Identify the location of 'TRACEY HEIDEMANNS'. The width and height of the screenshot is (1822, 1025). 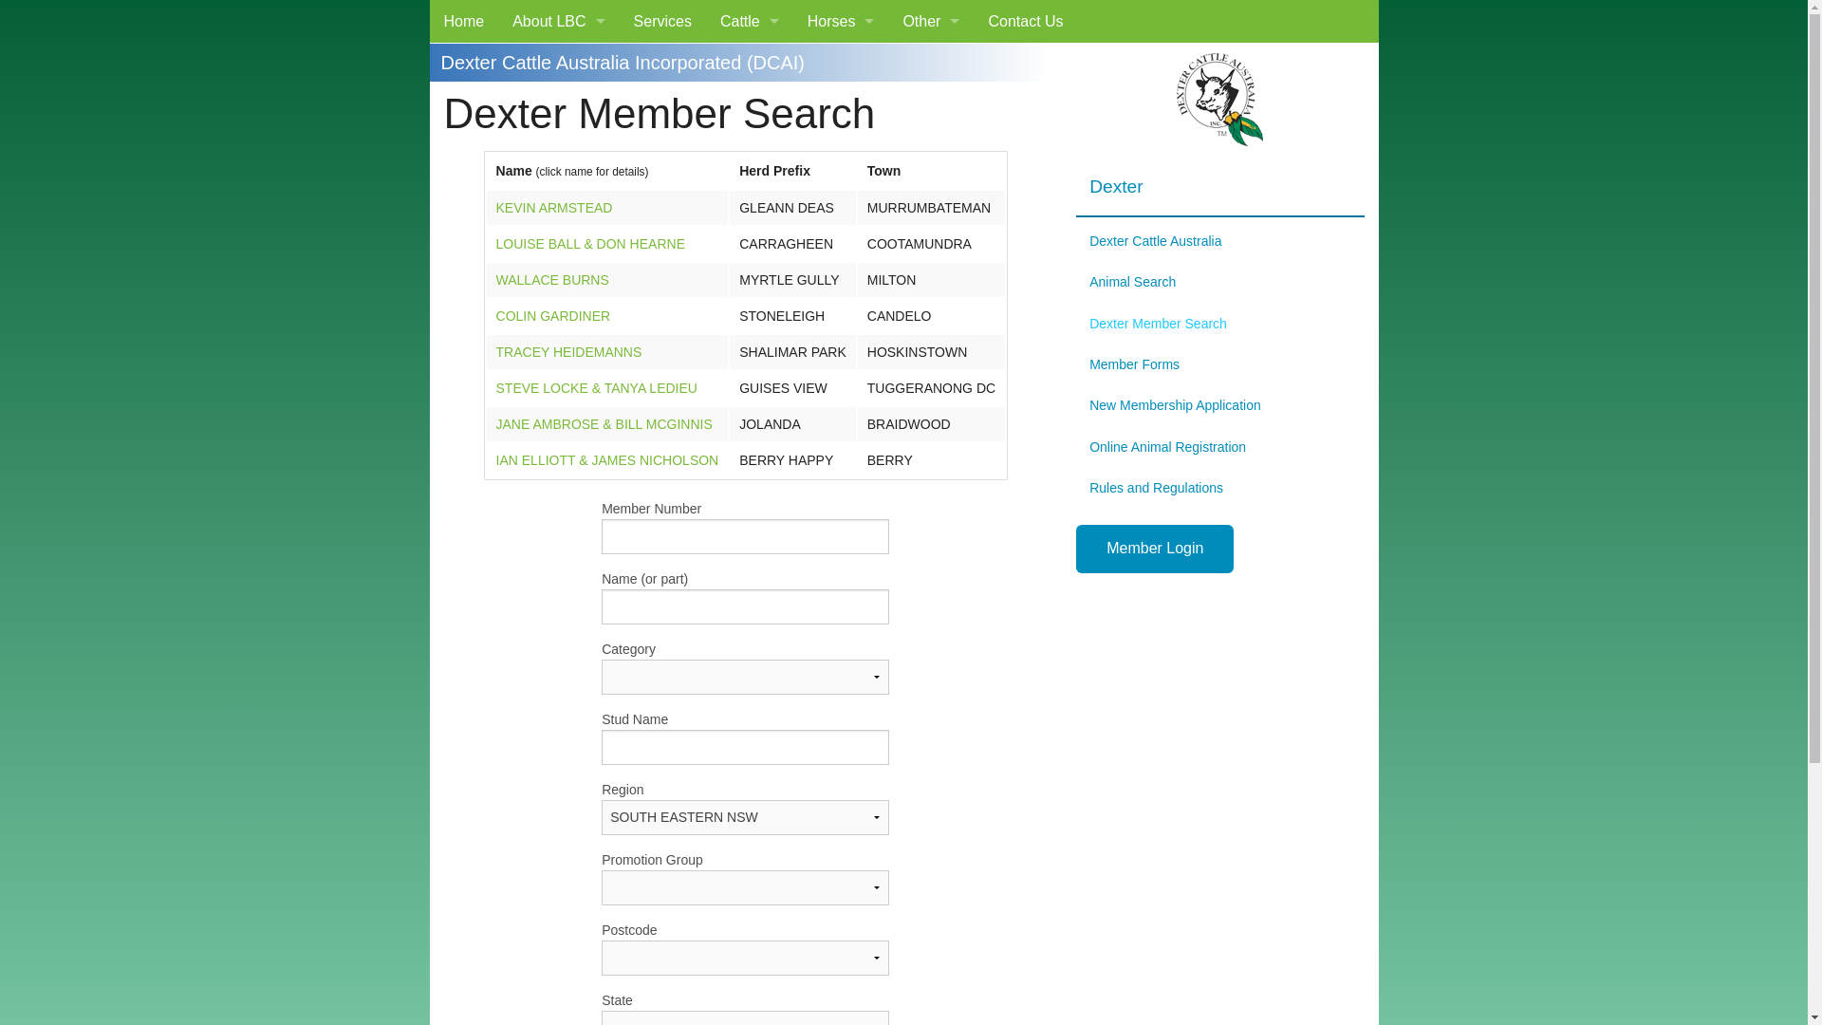
(568, 351).